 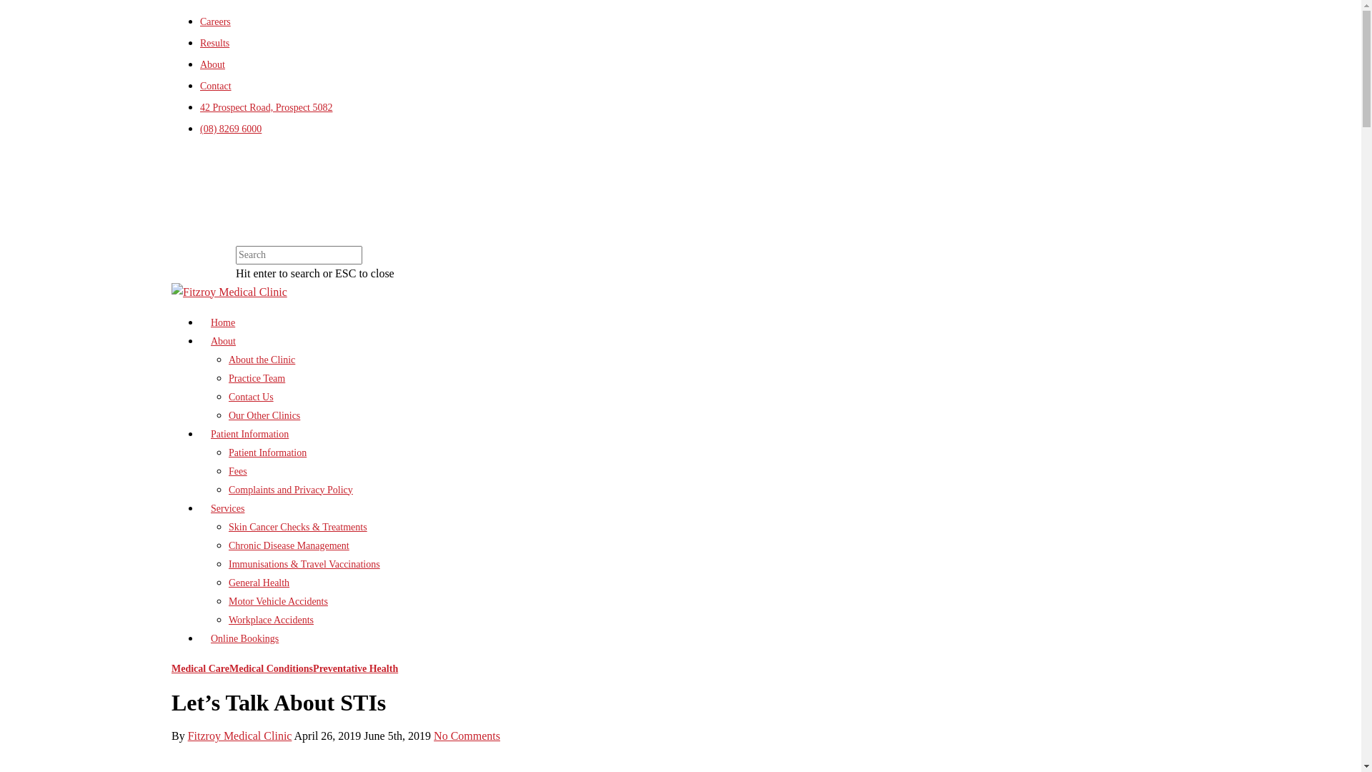 What do you see at coordinates (304, 563) in the screenshot?
I see `'Immunisations & Travel Vaccinations'` at bounding box center [304, 563].